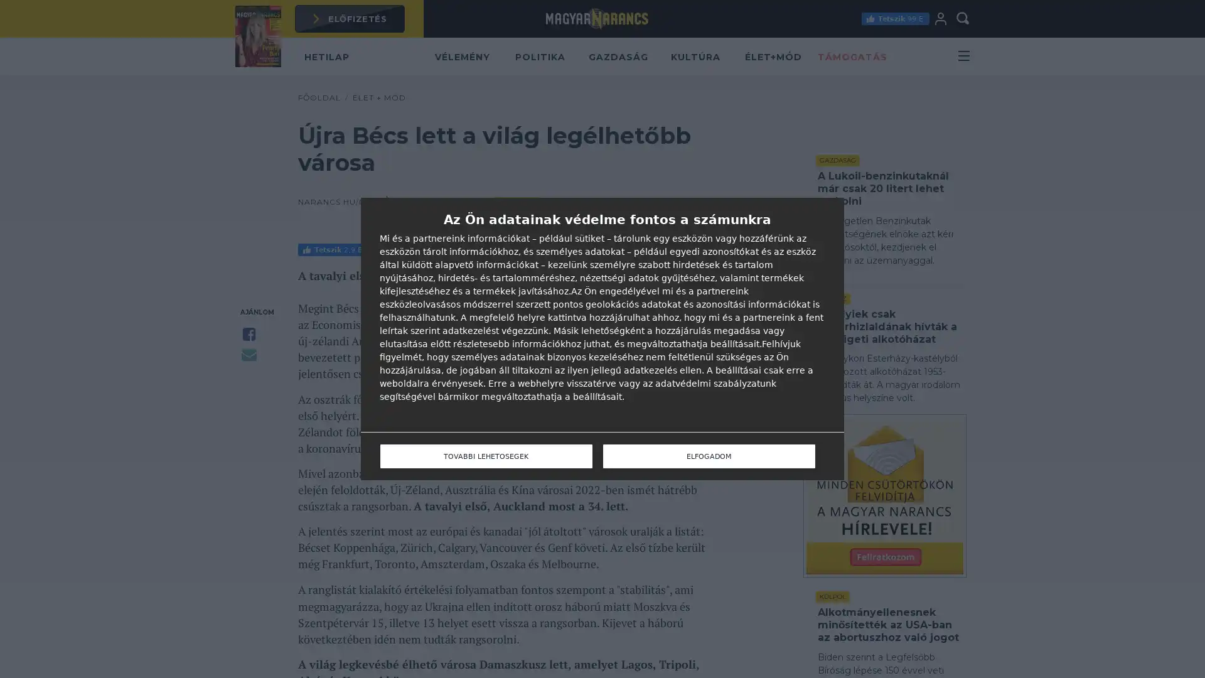 The height and width of the screenshot is (678, 1205). Describe the element at coordinates (485, 456) in the screenshot. I see `TOVABBI LEHETOSEGEK` at that location.